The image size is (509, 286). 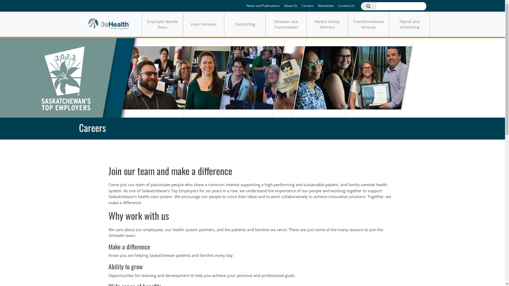 I want to click on 'Payroll and Scheduling', so click(x=389, y=24).